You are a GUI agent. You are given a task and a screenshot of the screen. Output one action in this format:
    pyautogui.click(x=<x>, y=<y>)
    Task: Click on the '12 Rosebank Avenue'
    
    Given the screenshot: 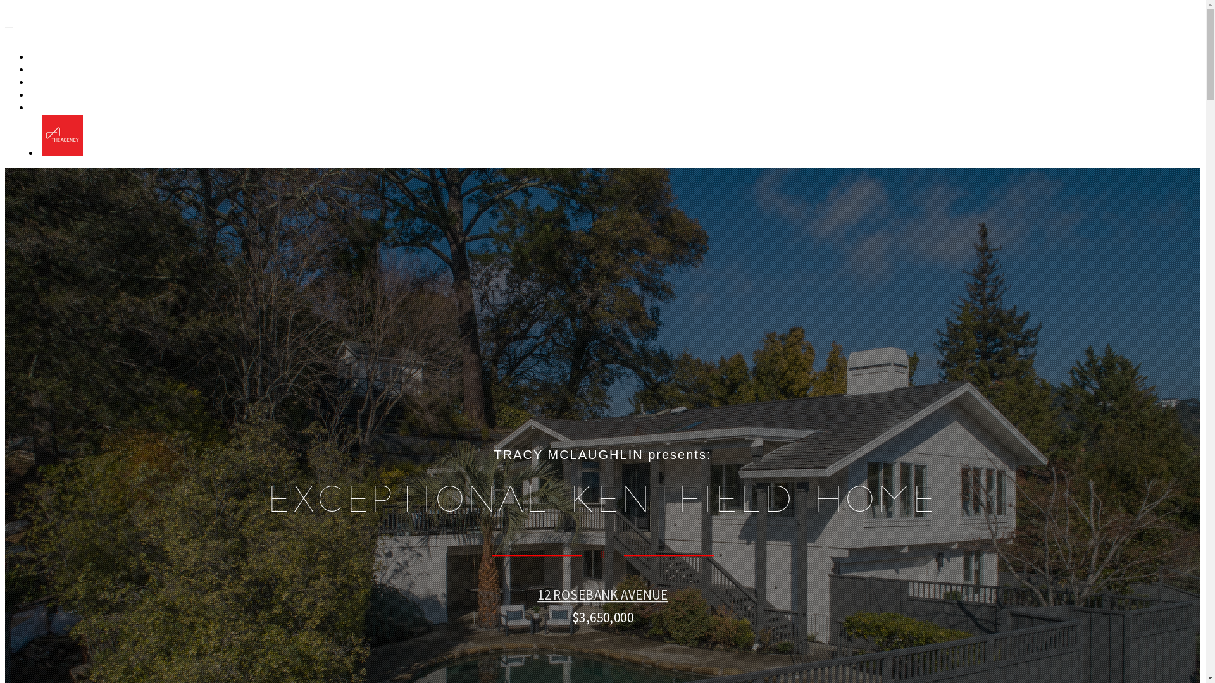 What is the action you would take?
    pyautogui.click(x=99, y=24)
    